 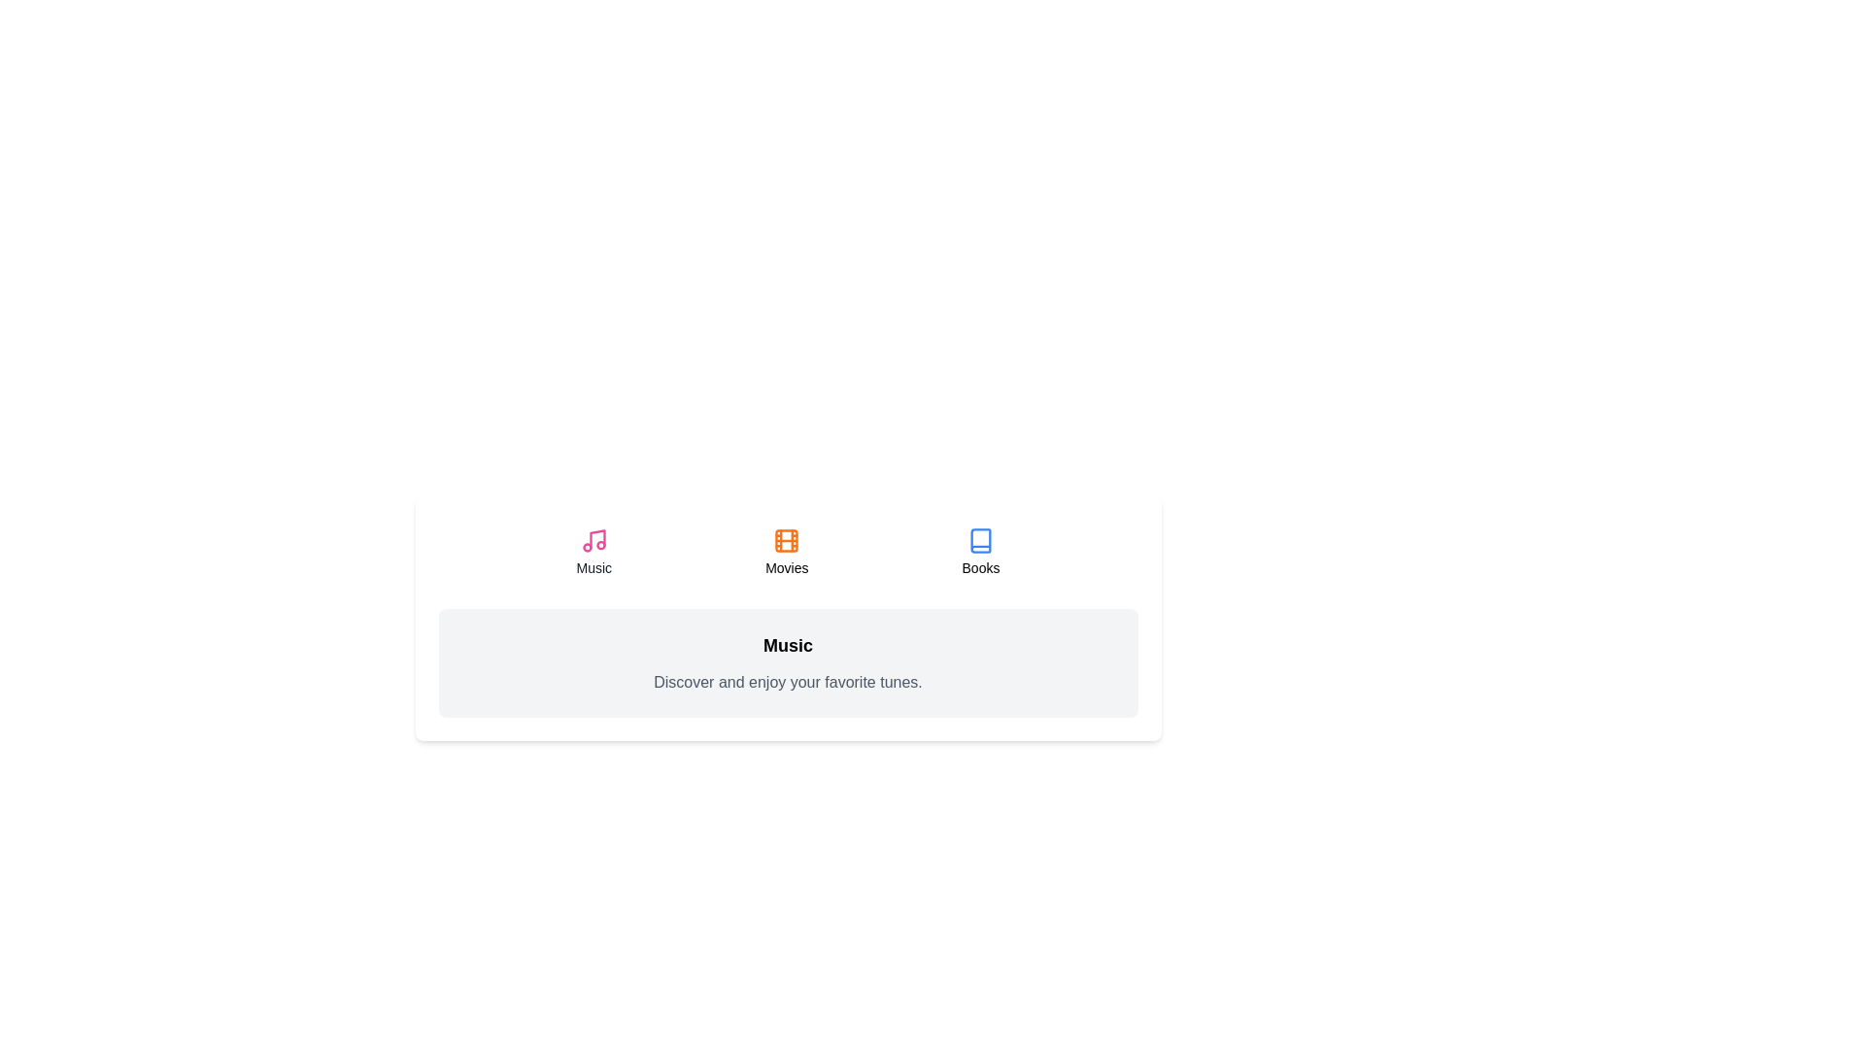 What do you see at coordinates (593, 553) in the screenshot?
I see `the tab labeled 'Music' to observe its hover effects` at bounding box center [593, 553].